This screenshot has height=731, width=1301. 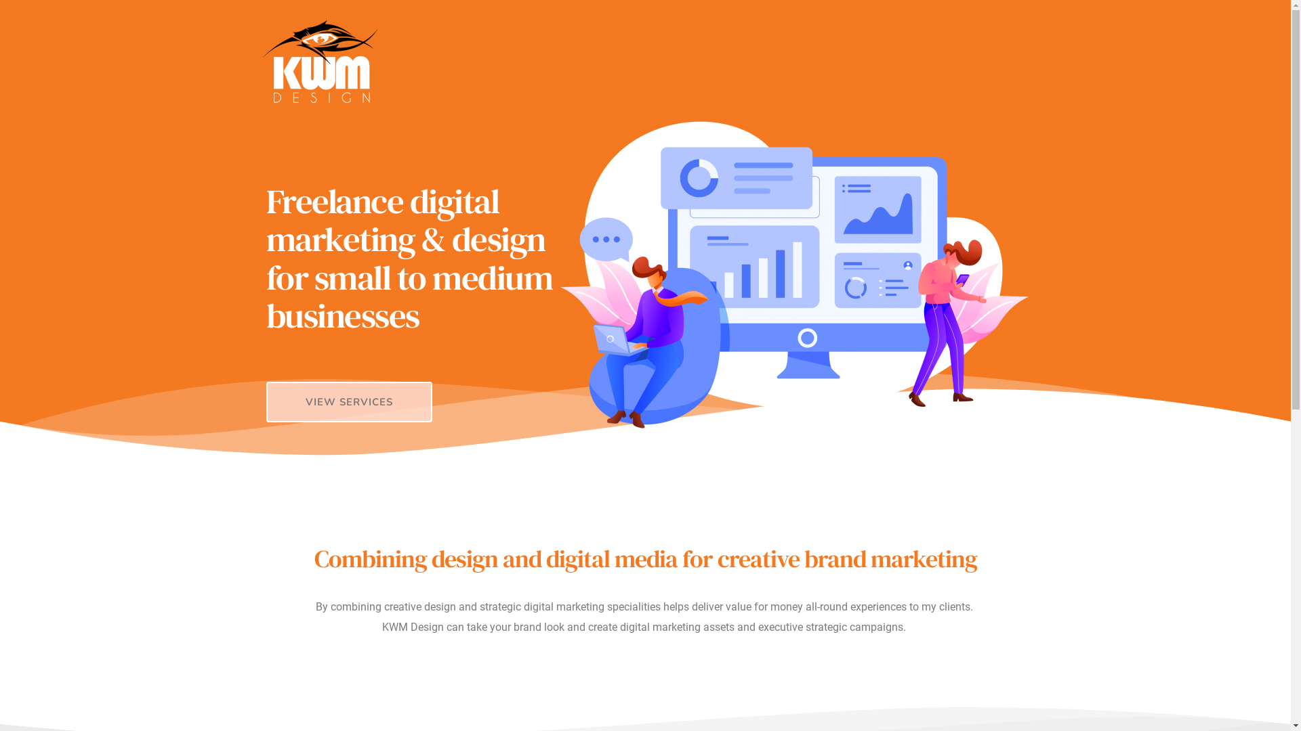 I want to click on 'VIEW SERVICES', so click(x=348, y=401).